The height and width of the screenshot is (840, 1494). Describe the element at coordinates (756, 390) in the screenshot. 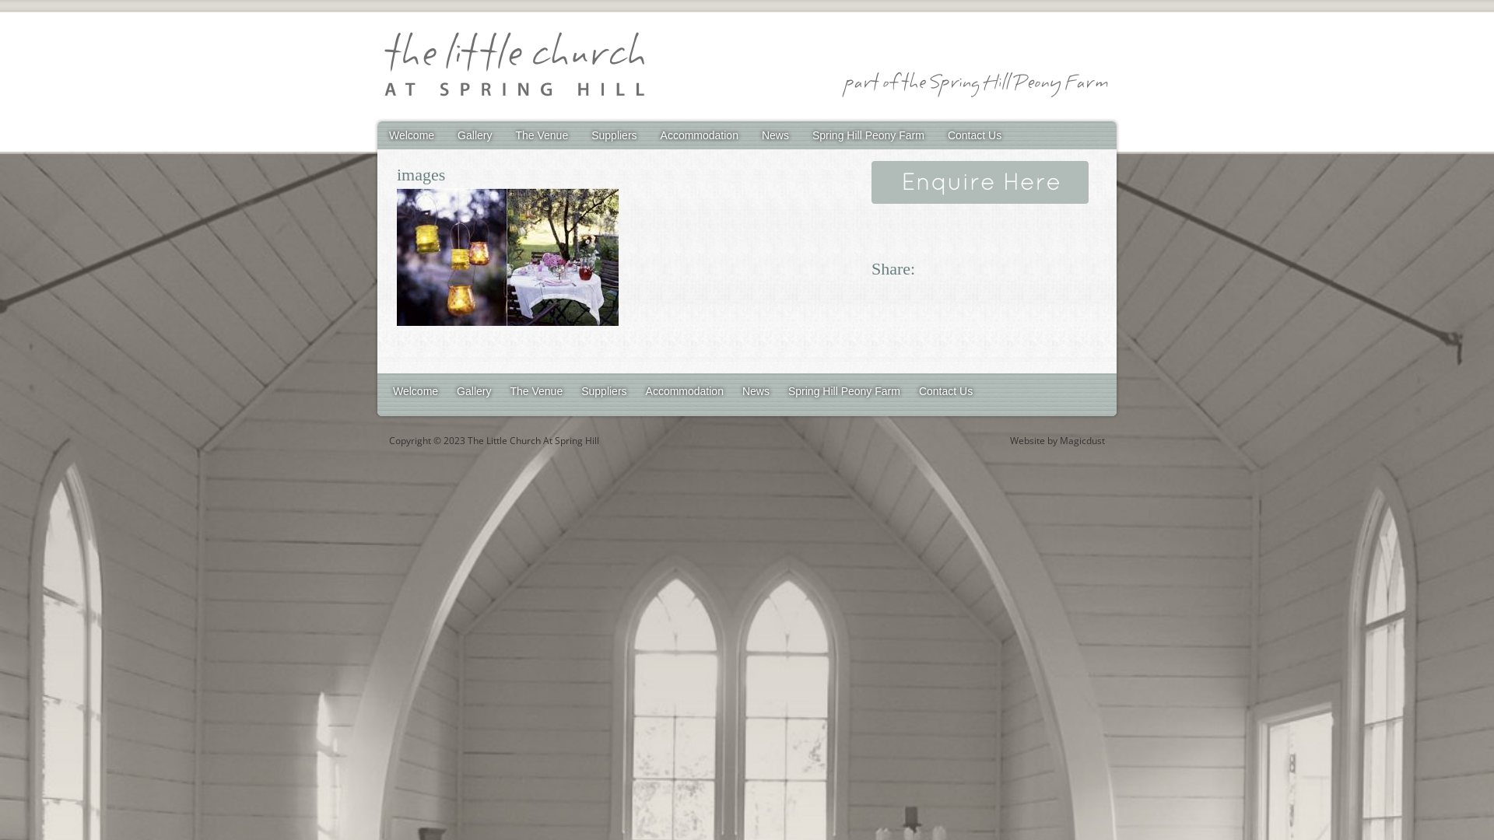

I see `'News'` at that location.